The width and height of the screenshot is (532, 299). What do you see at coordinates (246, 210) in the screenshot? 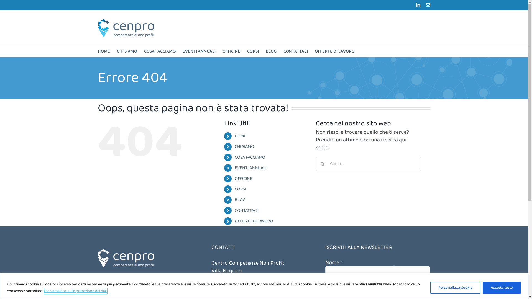
I see `'CONTATTACI'` at bounding box center [246, 210].